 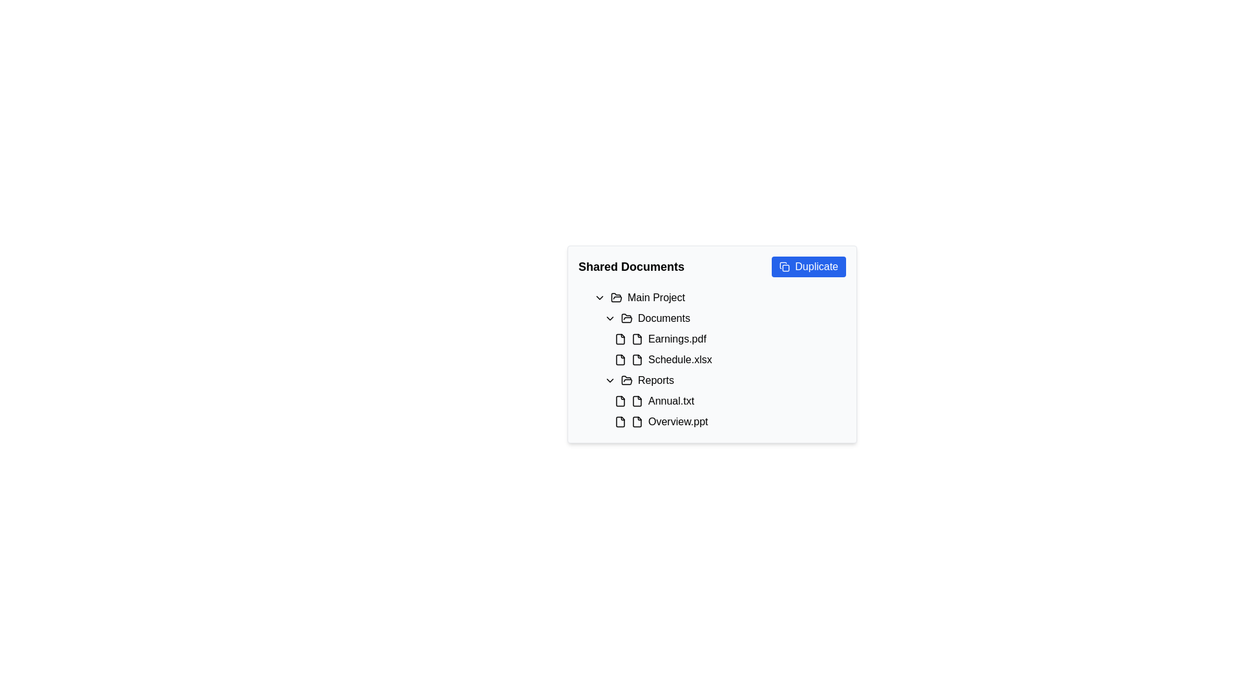 I want to click on the graphical shape that represents part of the duplicate icon, located within the 'Shared Documents' content card, adjacent to the blue 'Duplicate' button, so click(x=785, y=268).